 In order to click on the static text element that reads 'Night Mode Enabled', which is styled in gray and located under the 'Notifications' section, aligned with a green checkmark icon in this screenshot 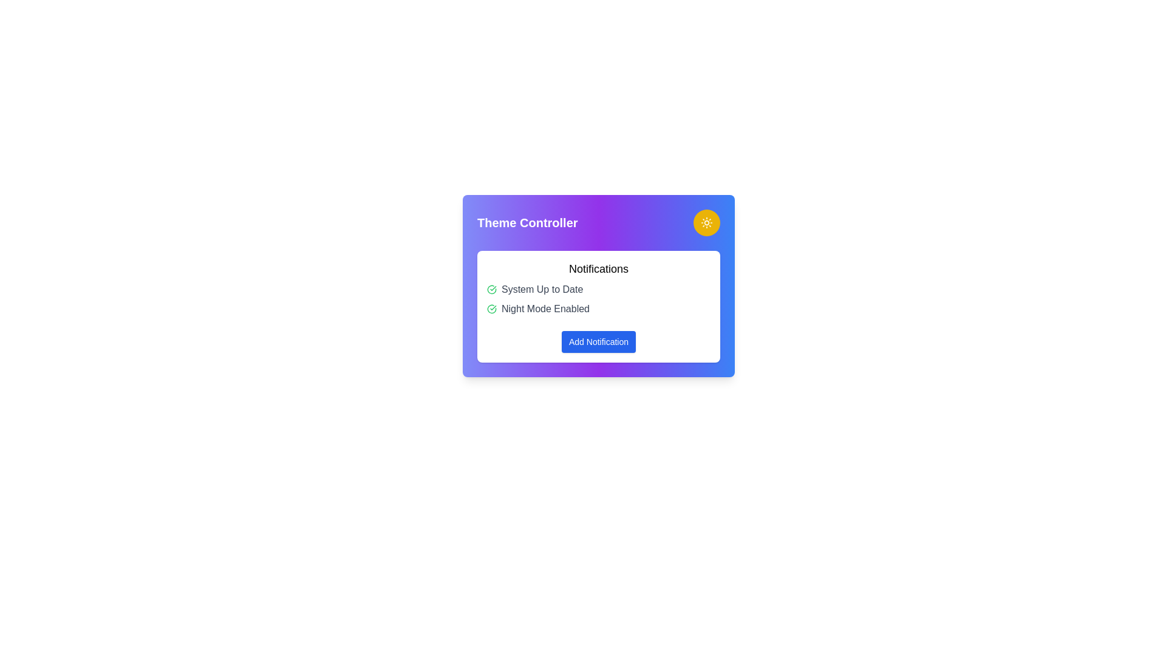, I will do `click(545, 309)`.